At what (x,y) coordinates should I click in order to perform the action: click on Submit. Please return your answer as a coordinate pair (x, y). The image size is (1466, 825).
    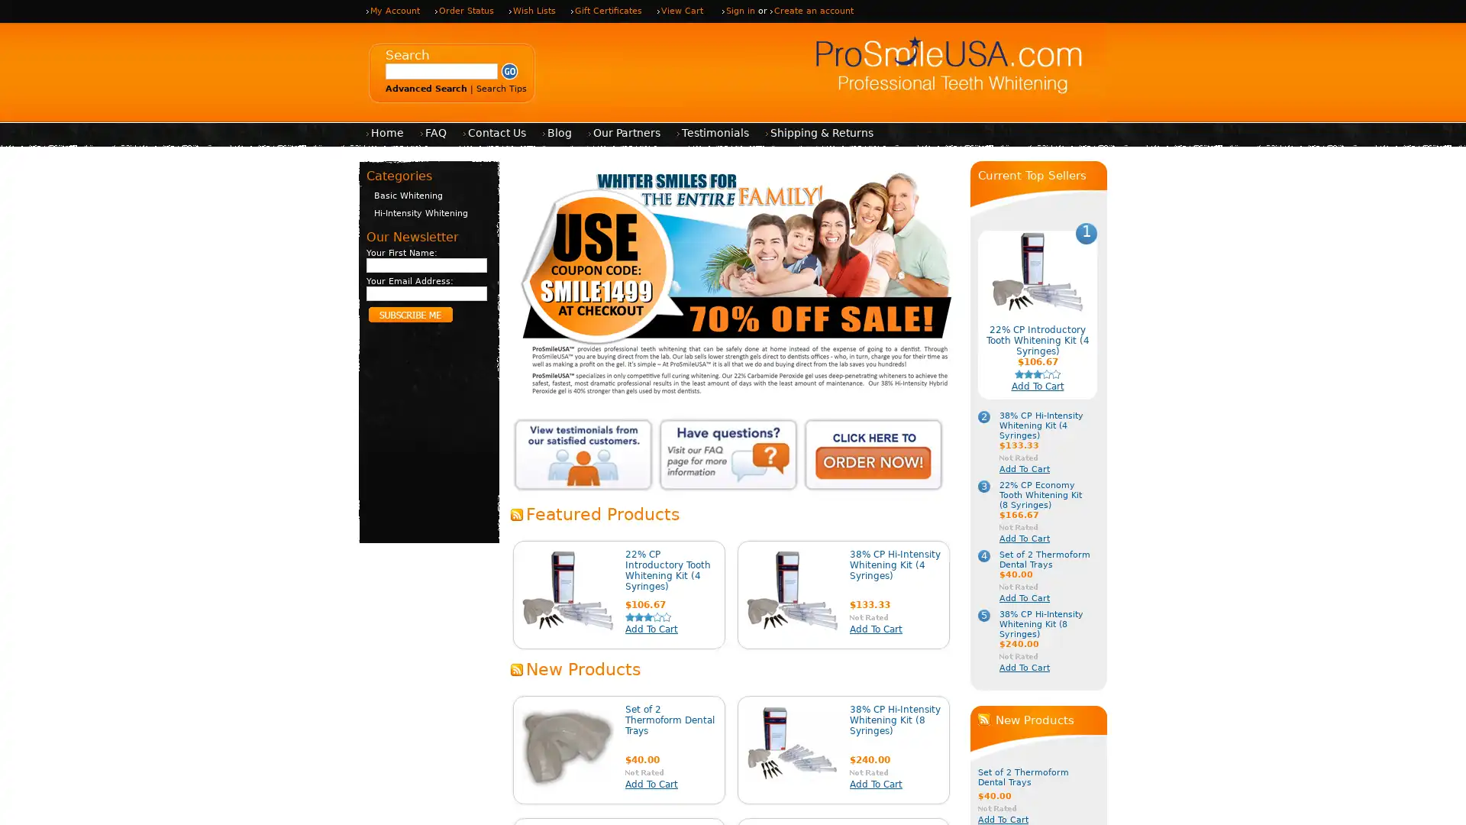
    Looking at the image, I should click on (509, 71).